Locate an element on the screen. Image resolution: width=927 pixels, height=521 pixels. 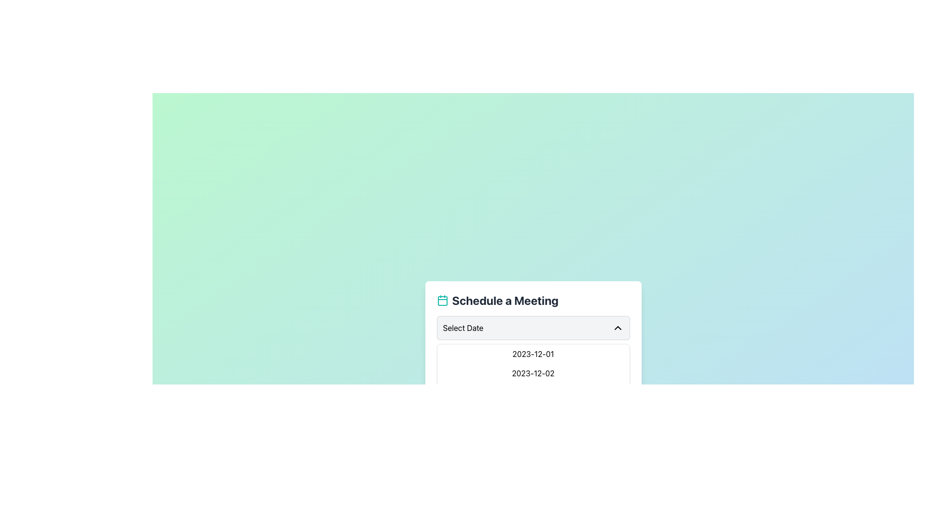
the small teal calendar icon, which is located to the left of the 'Schedule a Meeting' text label is located at coordinates (442, 300).